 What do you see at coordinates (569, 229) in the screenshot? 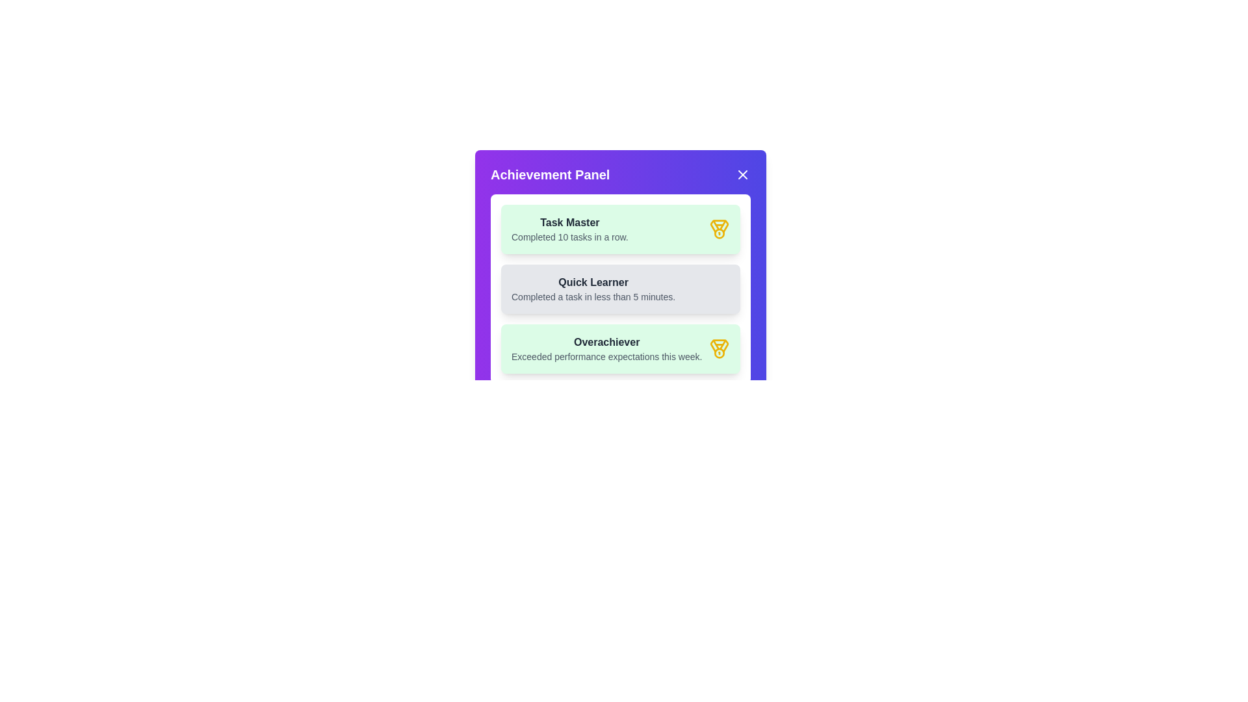
I see `the first entry of the Achievement Panel which displays an accomplishment description` at bounding box center [569, 229].